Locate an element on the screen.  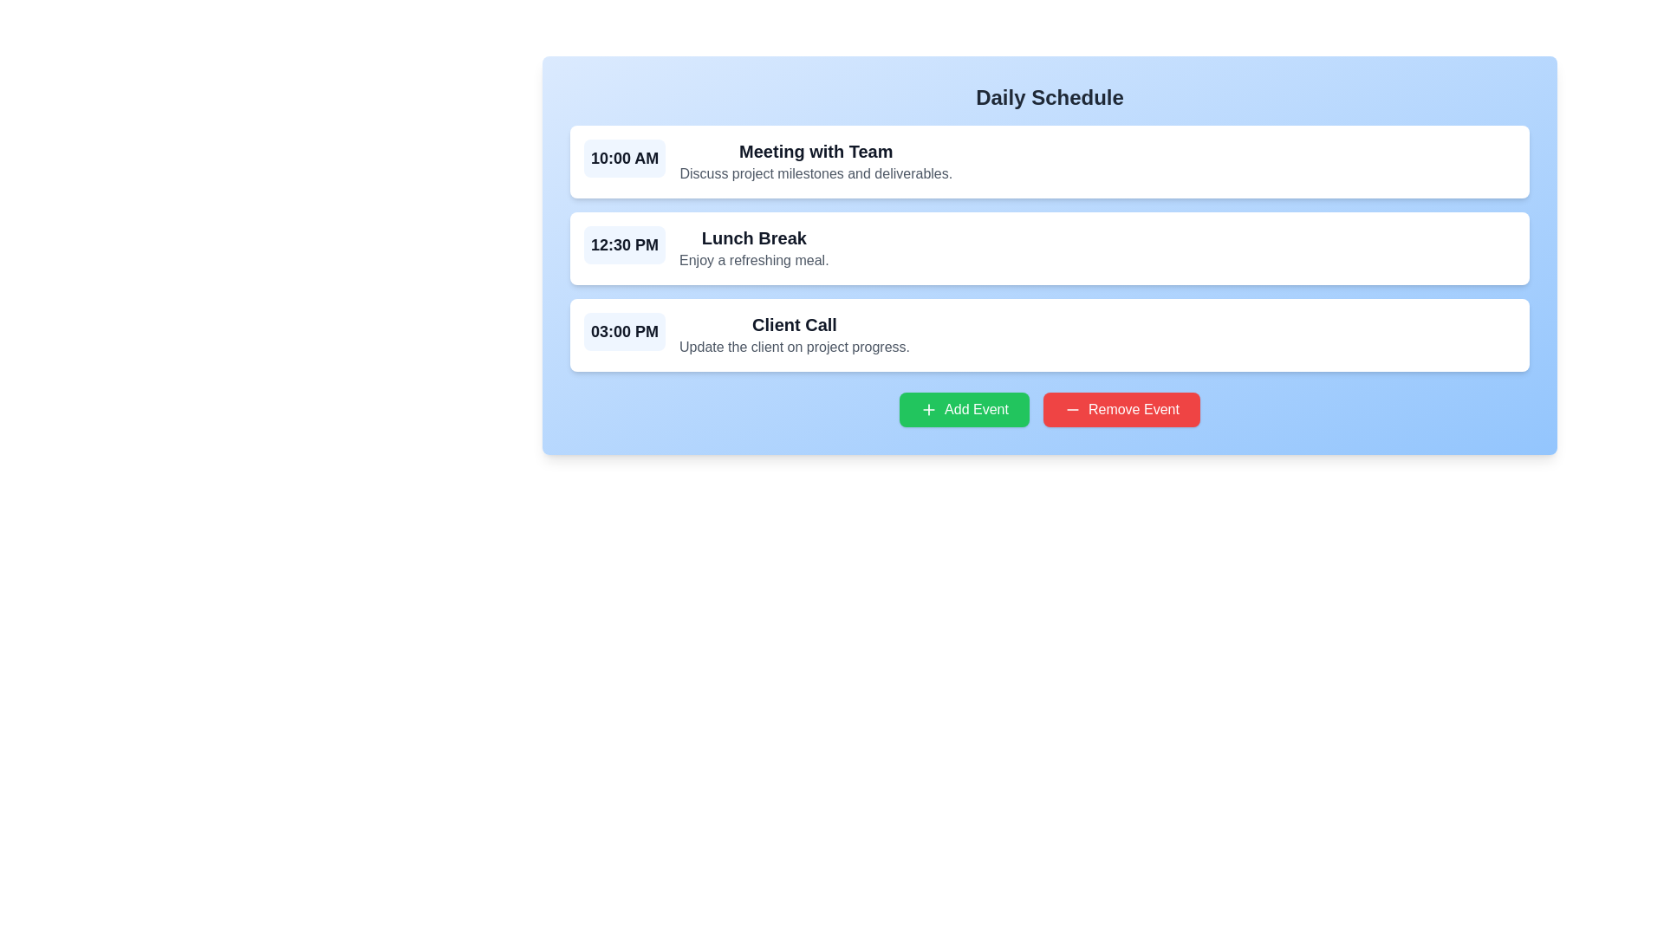
the button located below the schedule entries, which allows users is located at coordinates (964, 410).